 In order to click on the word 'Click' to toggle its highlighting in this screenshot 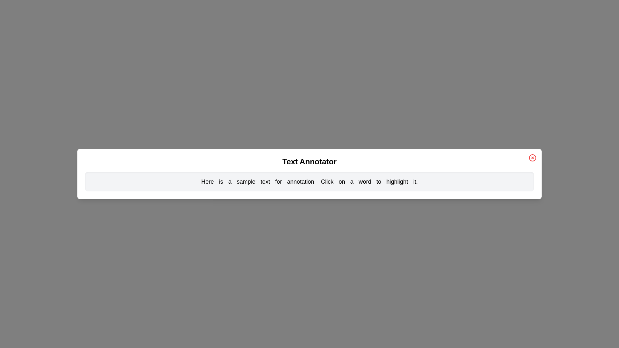, I will do `click(327, 181)`.